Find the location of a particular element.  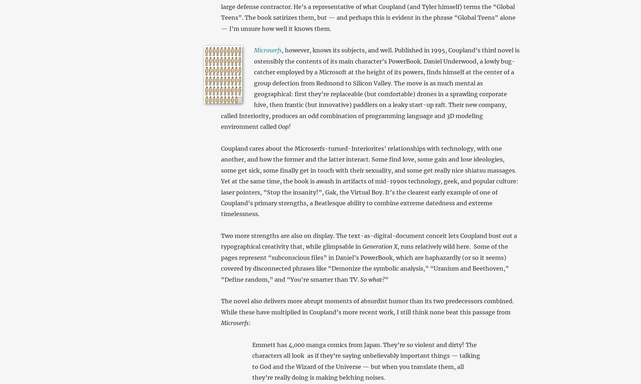

'Emmett has 4,000 manga comics from Japan. They’re so violent and dirty! The characters all look  as if they’re saying unbelievably important things — talking to God and the Wizard of the Universe — but when you translate them, all they’re really doing is making belching noises.' is located at coordinates (365, 361).